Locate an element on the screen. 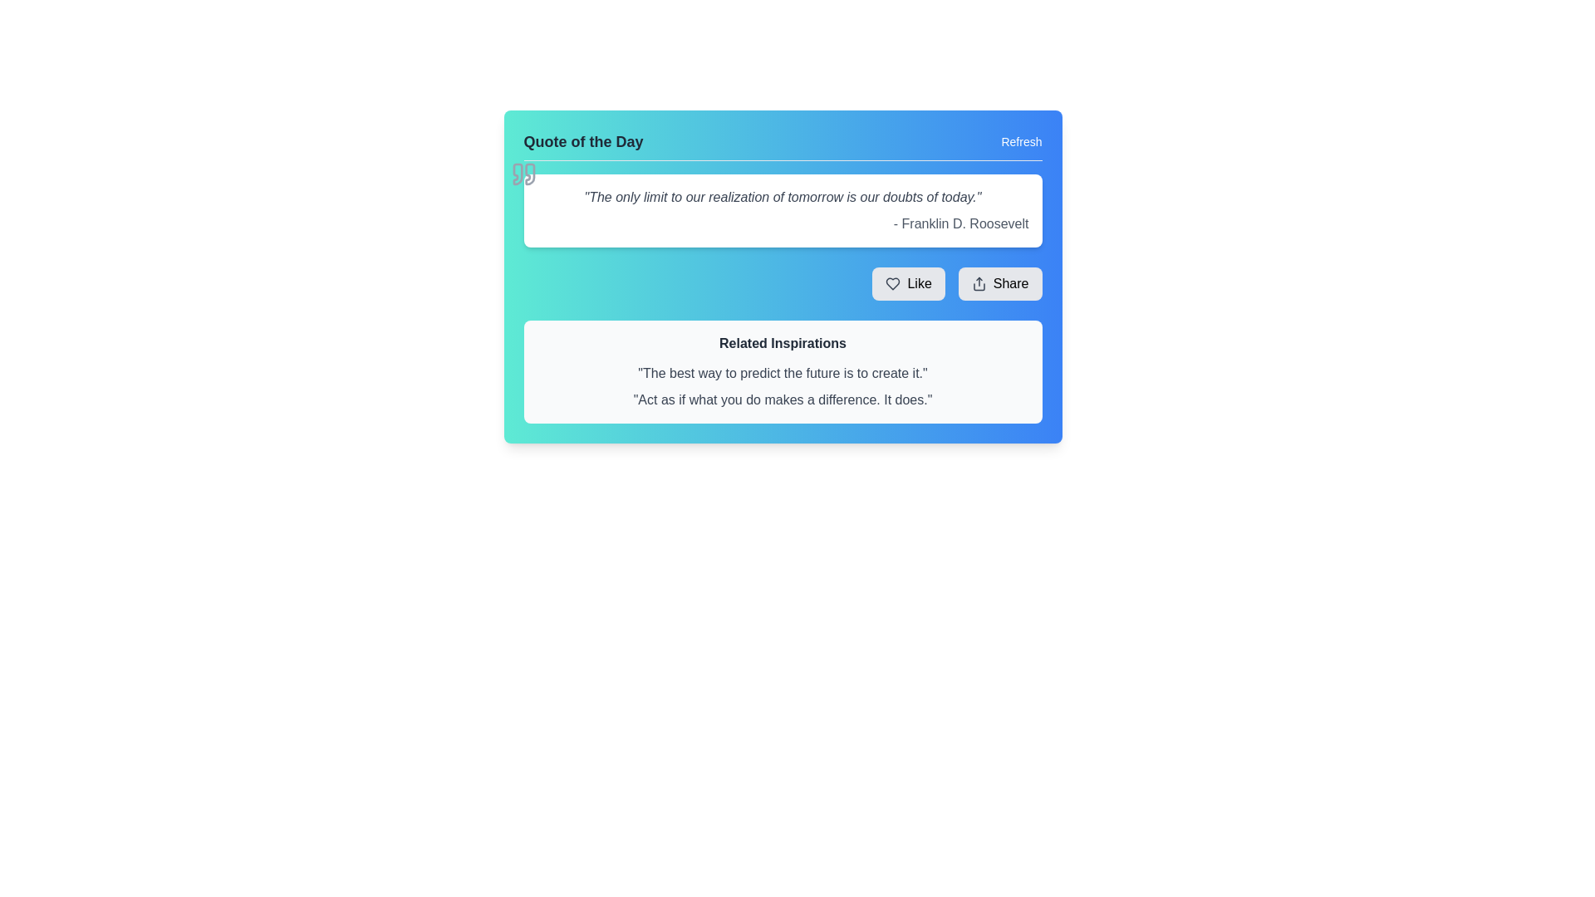 The width and height of the screenshot is (1595, 897). the reload button located at the upper-right corner of the 'Quote of the Day' section to refresh the content is located at coordinates (1020, 140).